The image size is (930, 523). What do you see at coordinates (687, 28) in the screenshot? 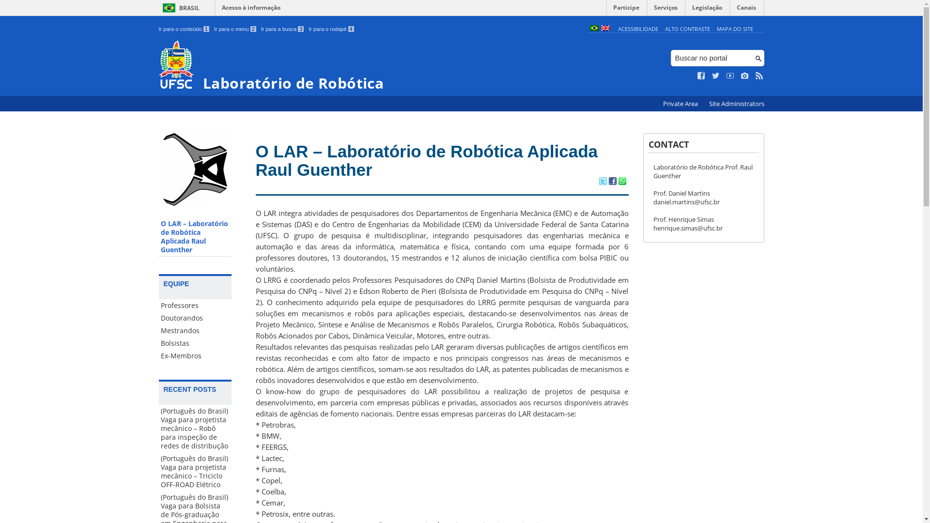
I see `'ALTO CONTRASTE'` at bounding box center [687, 28].